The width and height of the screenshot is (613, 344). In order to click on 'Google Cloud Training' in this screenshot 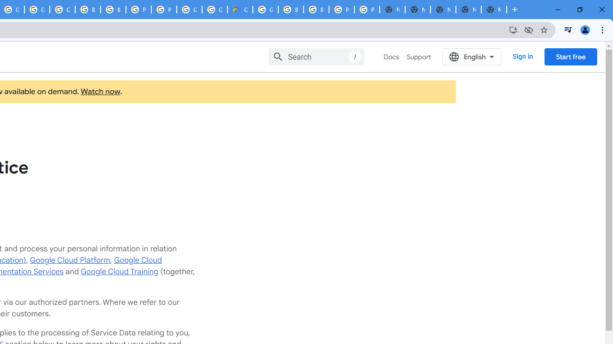, I will do `click(119, 271)`.